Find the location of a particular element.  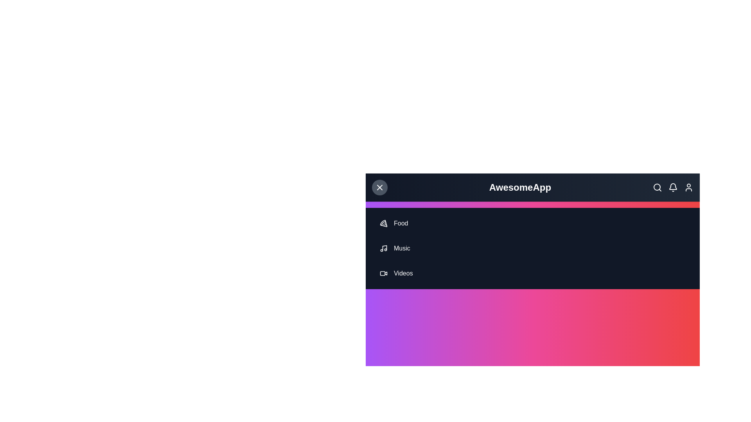

the notification icon (bell icon) in the app bar is located at coordinates (672, 187).